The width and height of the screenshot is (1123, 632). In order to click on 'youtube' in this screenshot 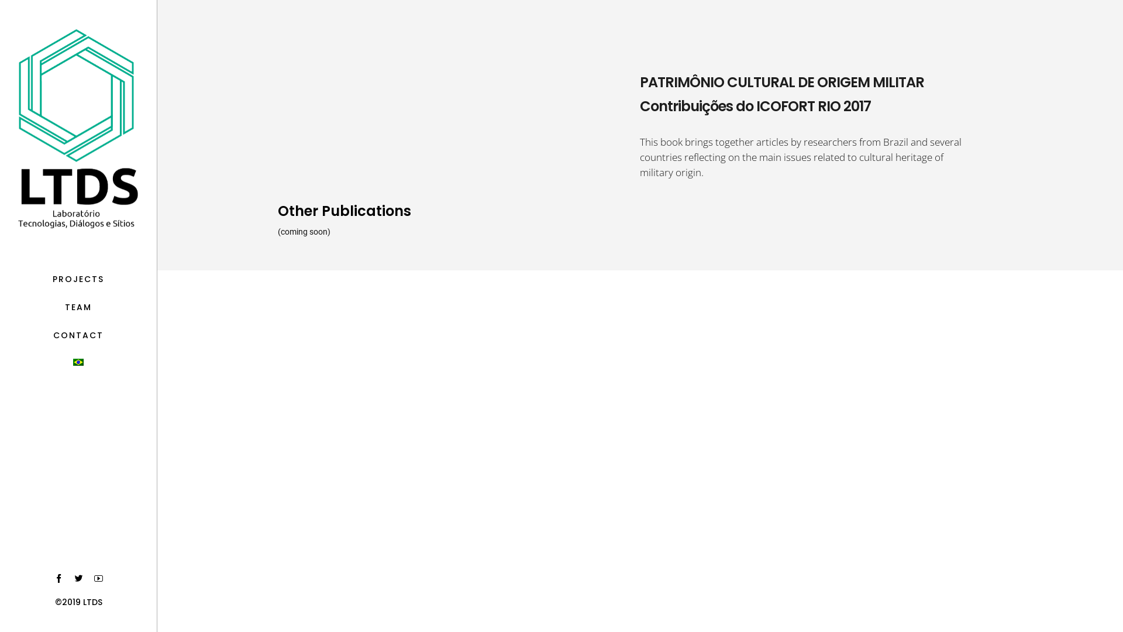, I will do `click(98, 578)`.